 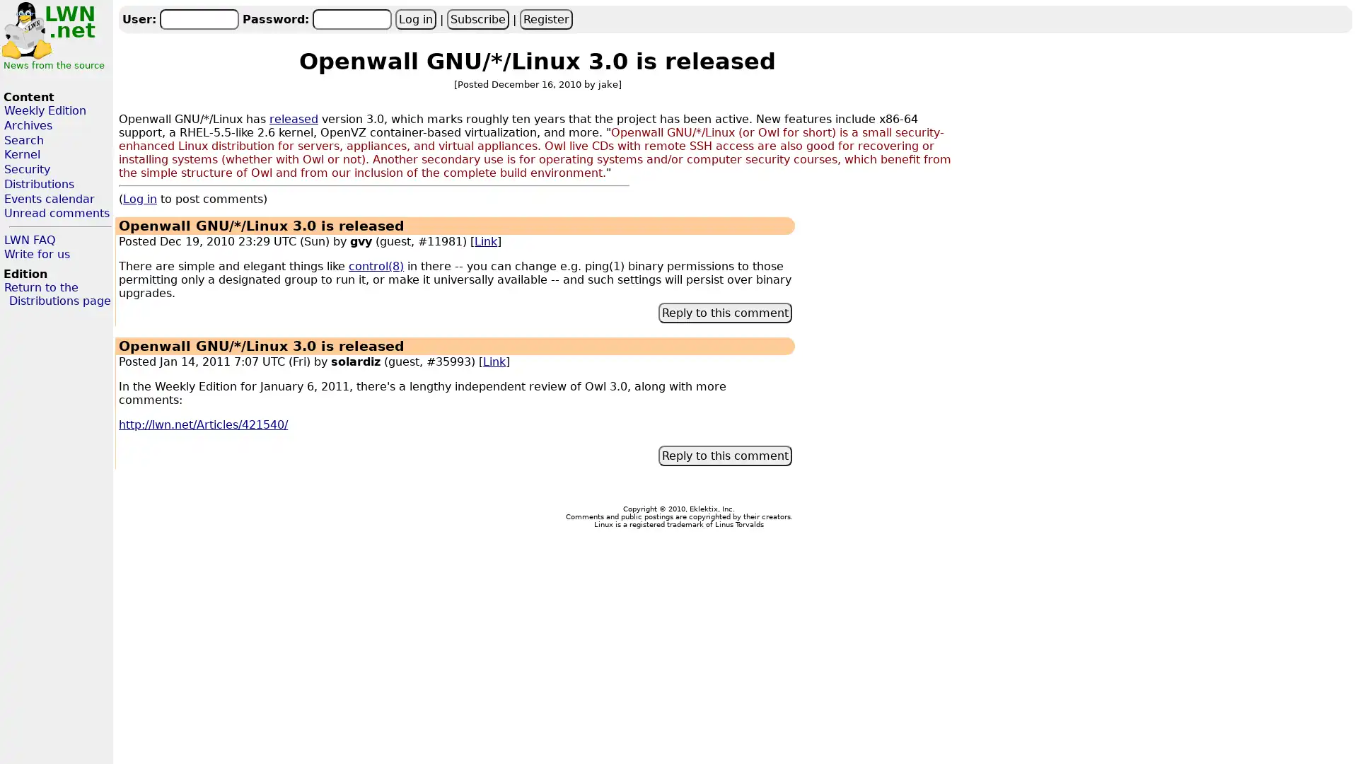 I want to click on Log in, so click(x=414, y=18).